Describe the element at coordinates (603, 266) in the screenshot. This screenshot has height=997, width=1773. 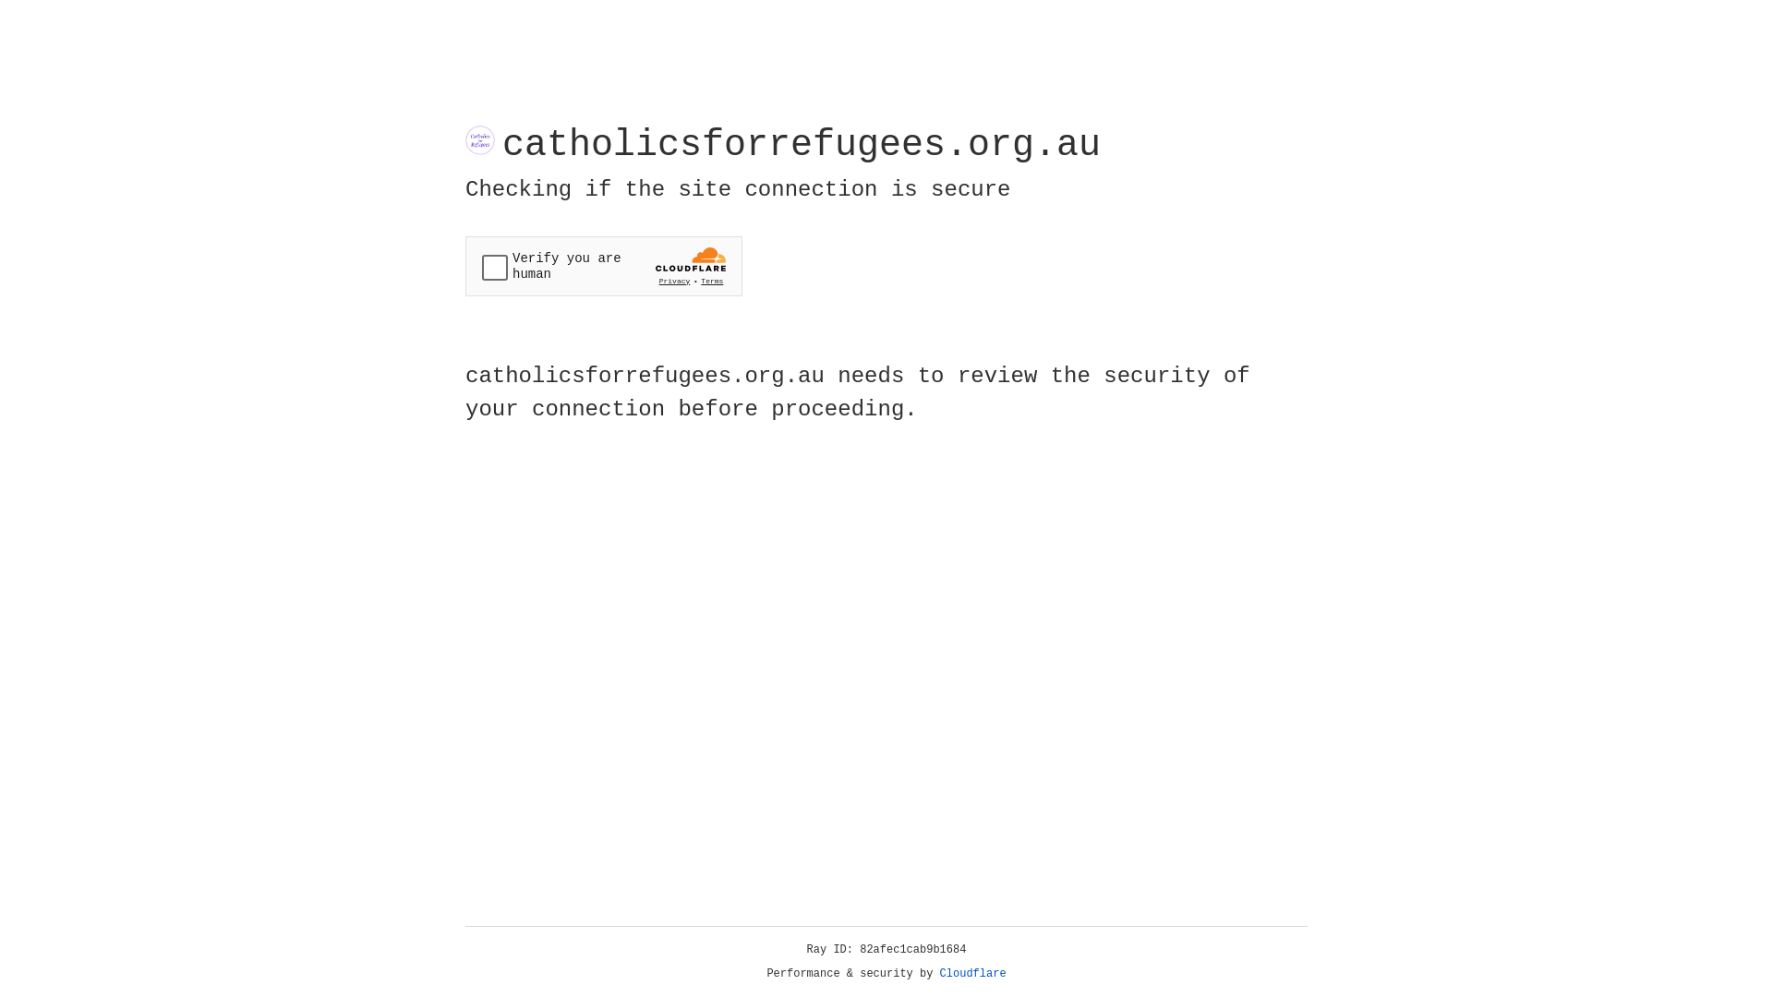
I see `'Widget containing a Cloudflare security challenge'` at that location.